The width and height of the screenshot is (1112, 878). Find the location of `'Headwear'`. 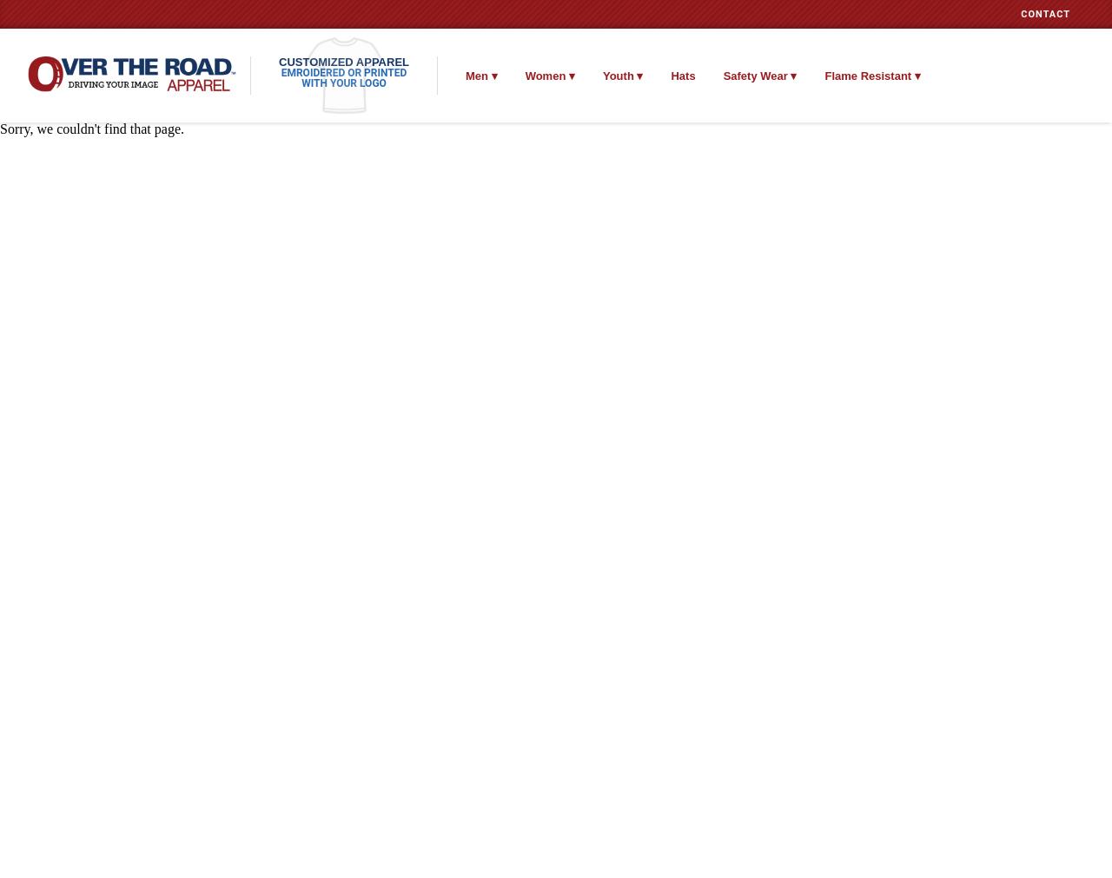

'Headwear' is located at coordinates (853, 257).